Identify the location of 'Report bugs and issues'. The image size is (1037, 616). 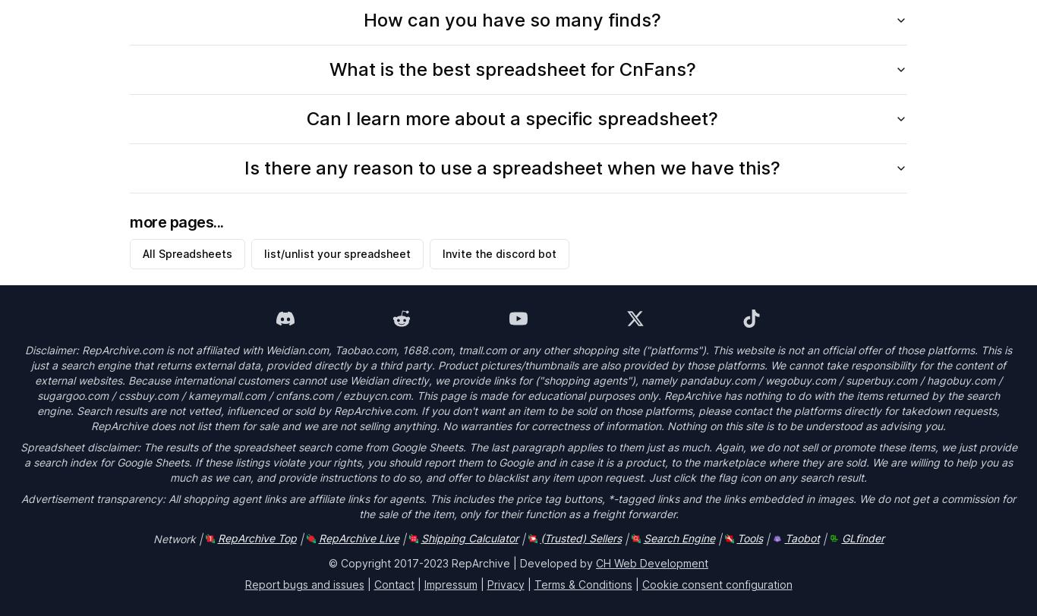
(303, 583).